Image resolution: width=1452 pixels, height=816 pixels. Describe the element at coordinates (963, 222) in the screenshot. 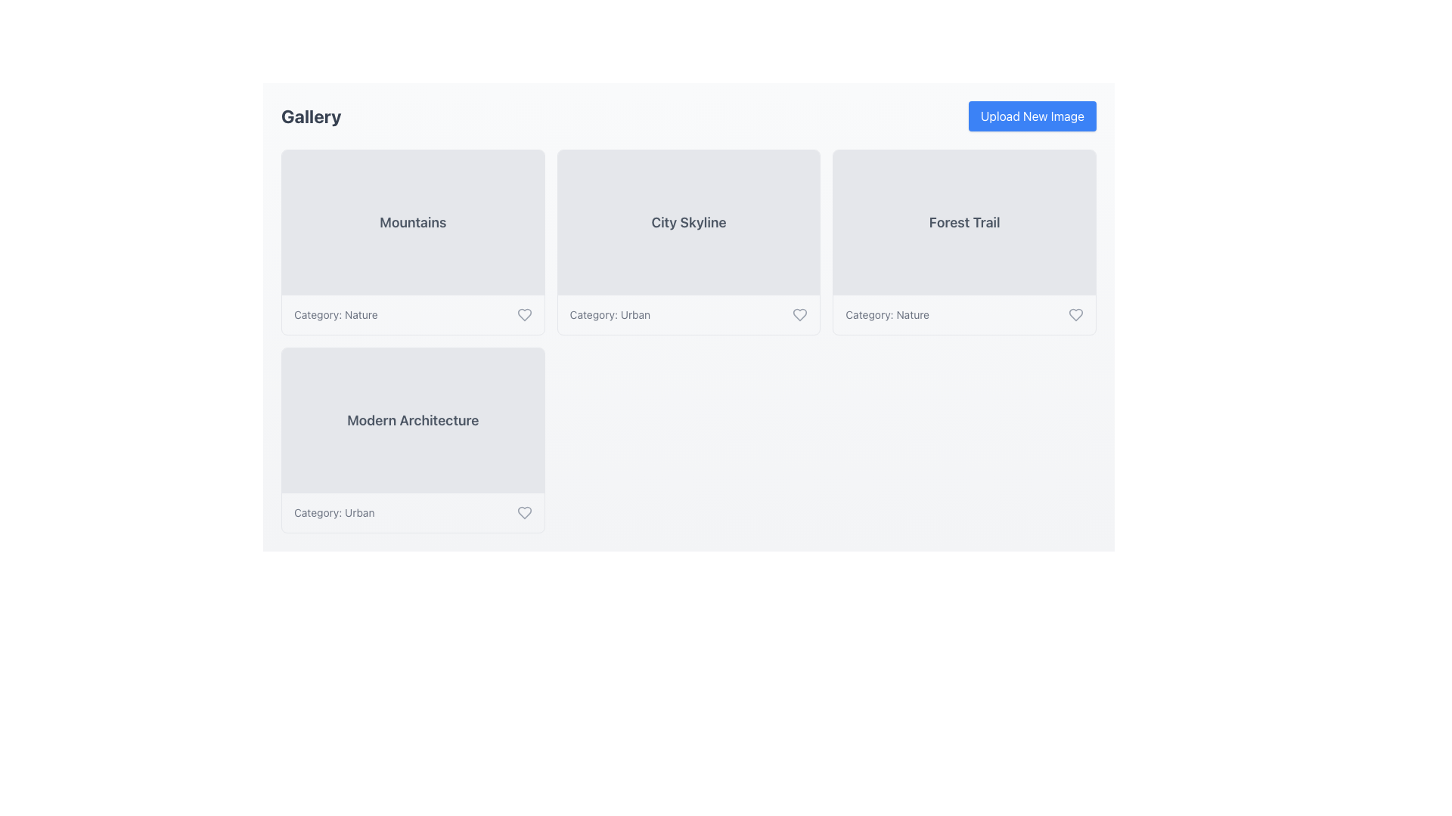

I see `the Static Label or Text Block titled 'Forest Trail', which serves as a category identifier in the interface` at that location.